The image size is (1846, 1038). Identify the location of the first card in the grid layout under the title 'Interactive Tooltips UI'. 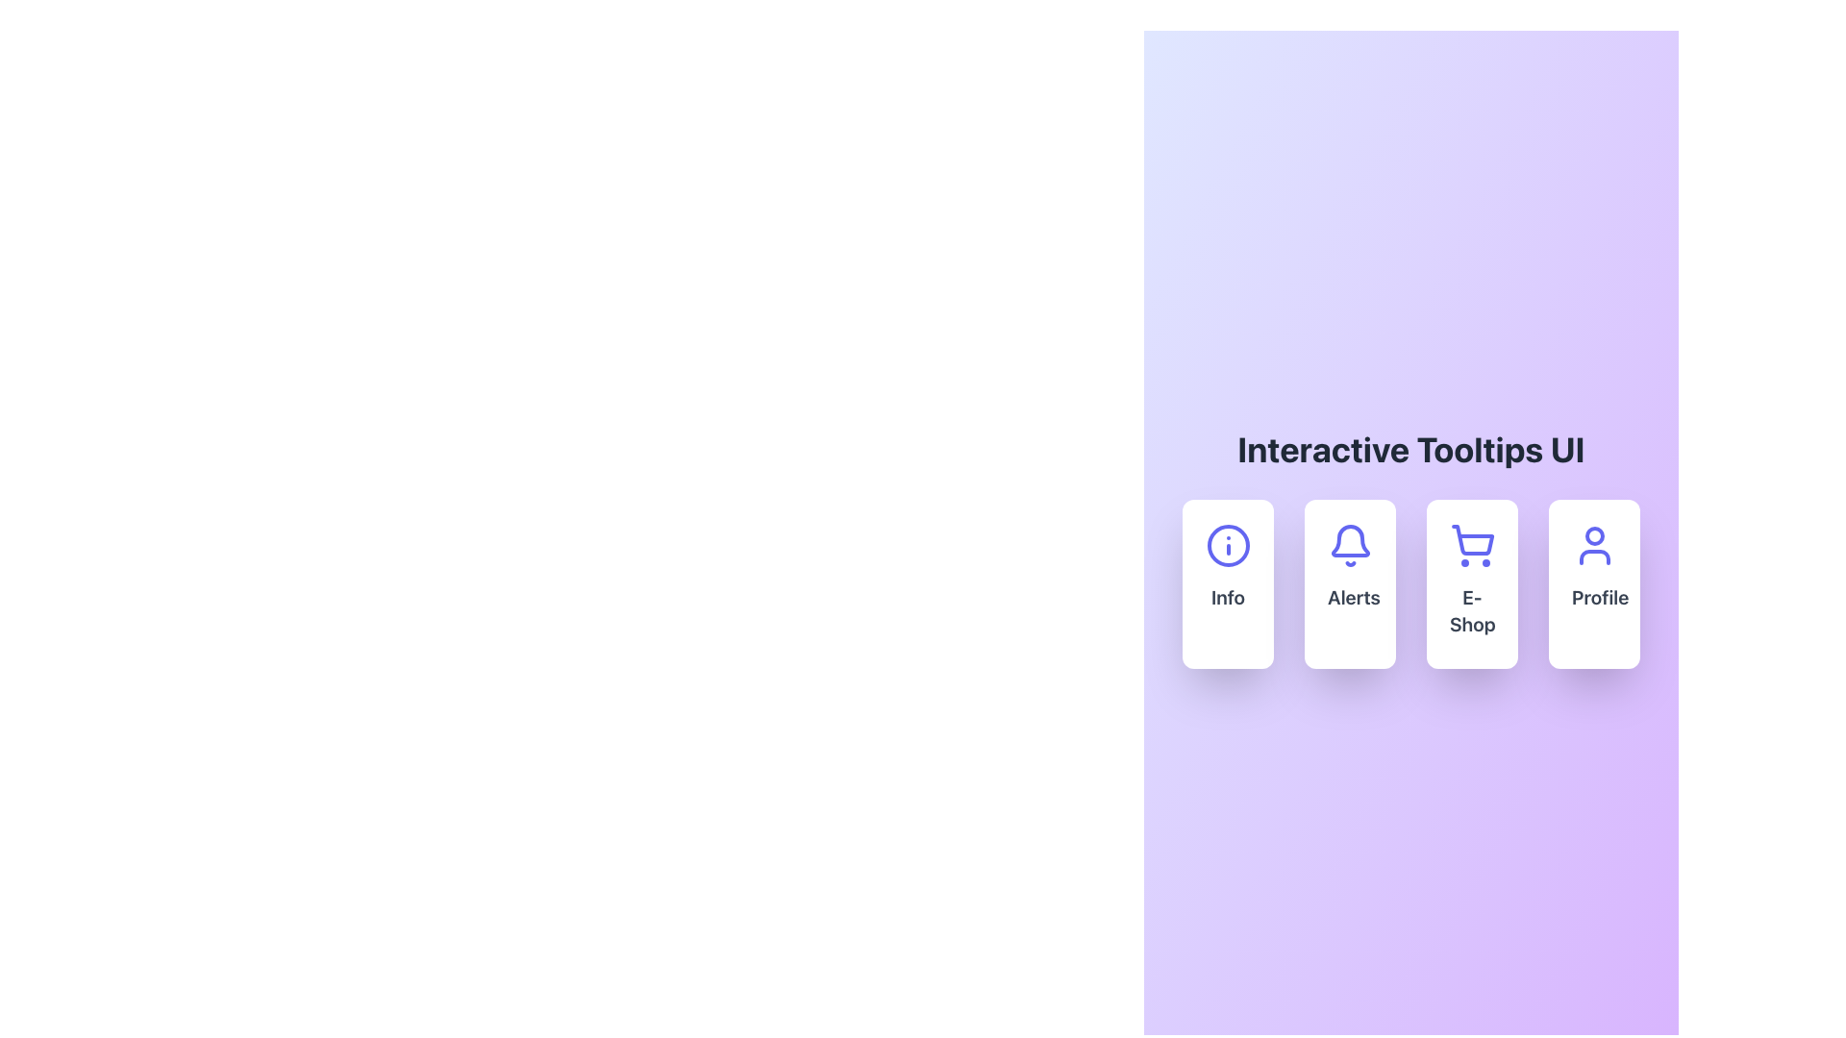
(1227, 583).